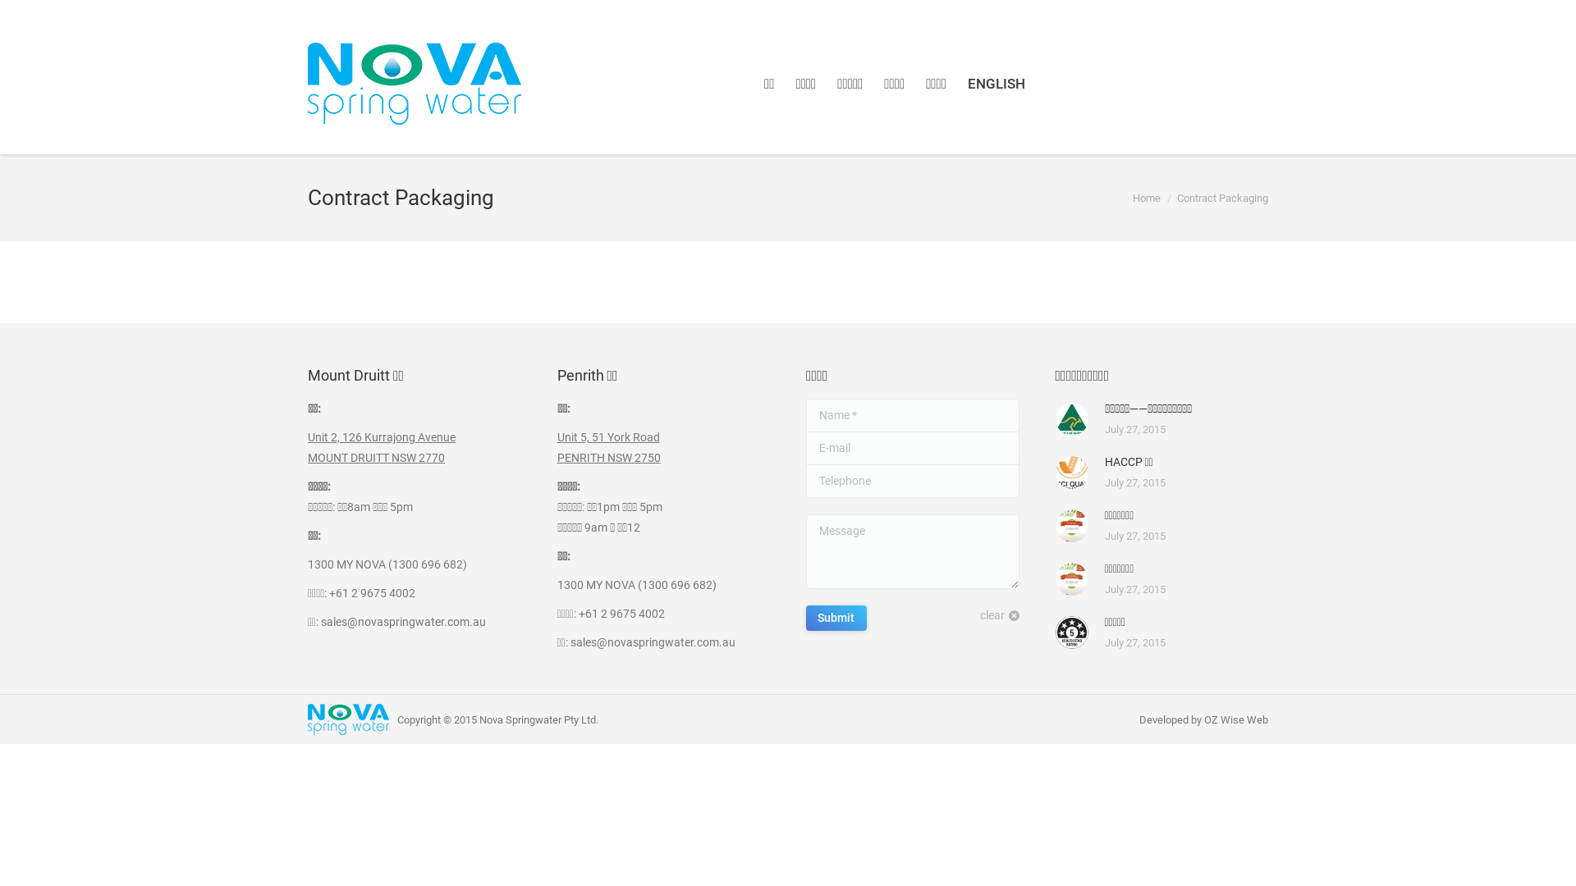 This screenshot has height=886, width=1576. I want to click on 'MOUNT DRUITT NSW 2770', so click(307, 458).